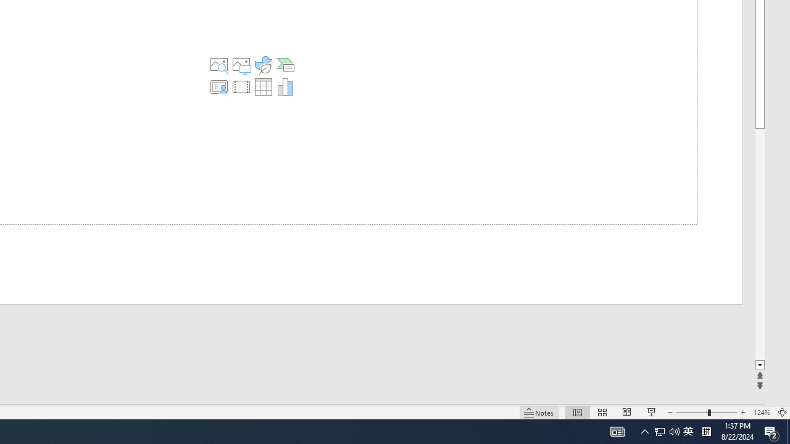  I want to click on 'Stock Images', so click(219, 65).